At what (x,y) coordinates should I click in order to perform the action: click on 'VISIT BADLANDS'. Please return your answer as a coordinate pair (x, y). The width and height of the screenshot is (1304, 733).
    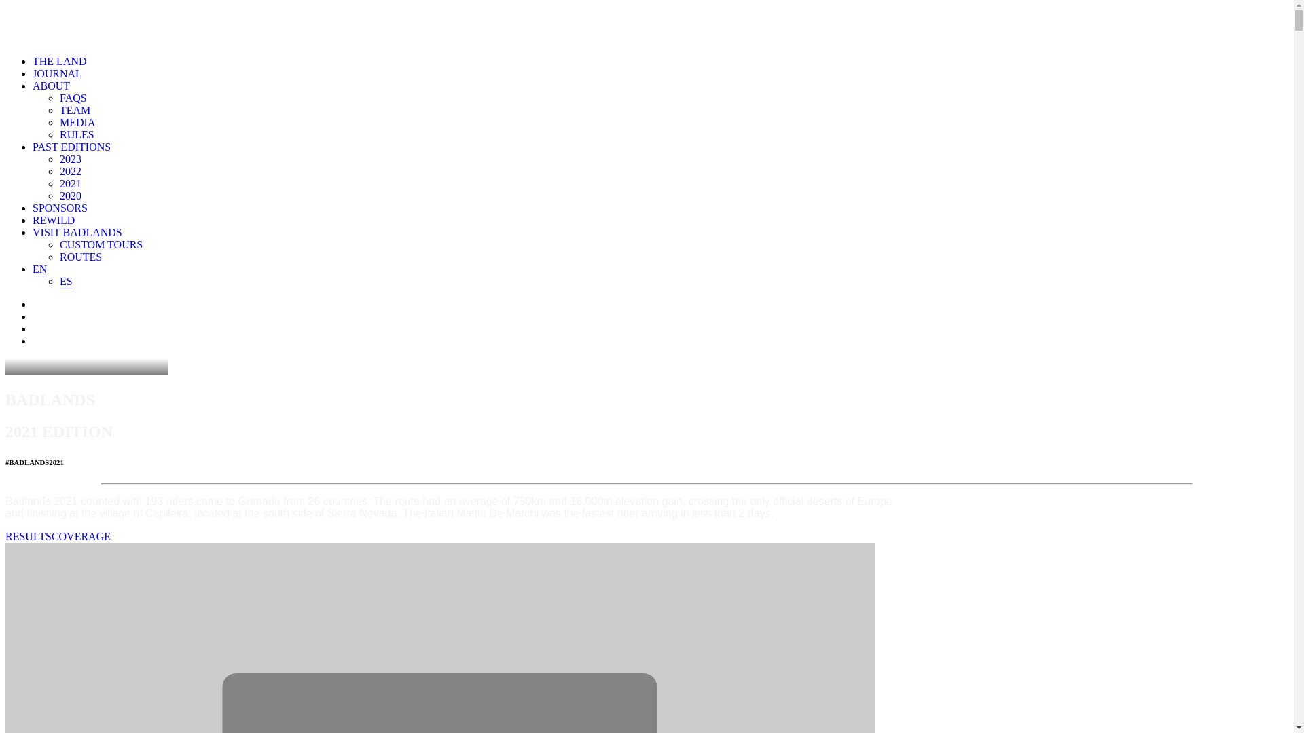
    Looking at the image, I should click on (33, 231).